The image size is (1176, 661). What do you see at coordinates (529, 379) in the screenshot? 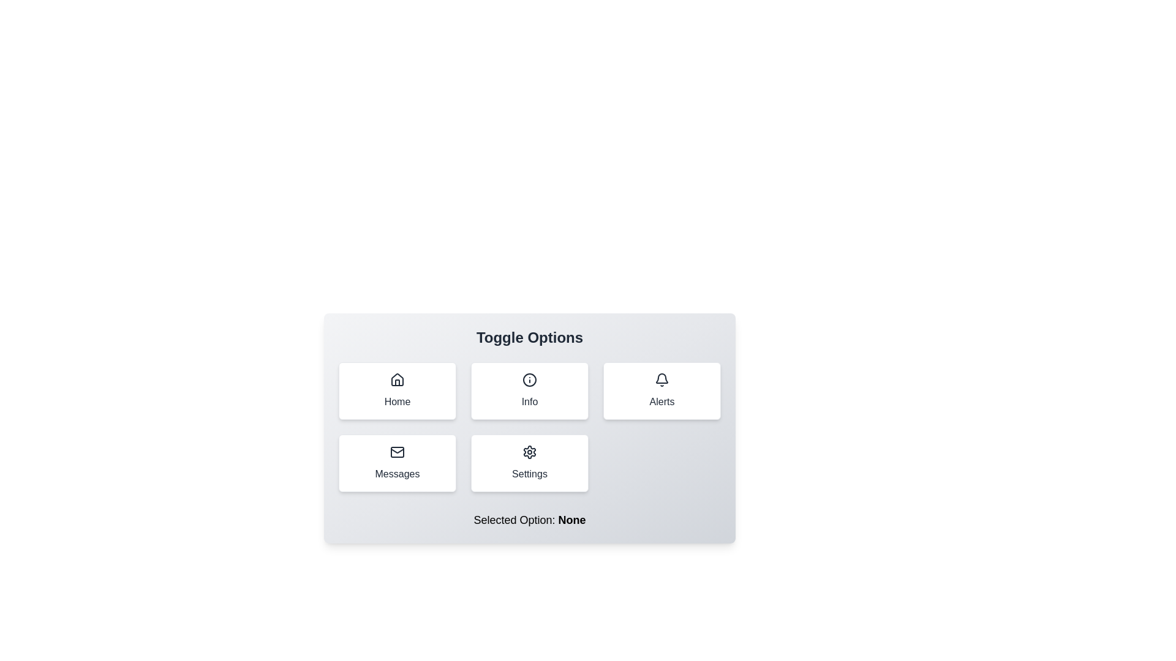
I see `the informational icon located in the upper middle position of the 'Info' card within the selection interface` at bounding box center [529, 379].